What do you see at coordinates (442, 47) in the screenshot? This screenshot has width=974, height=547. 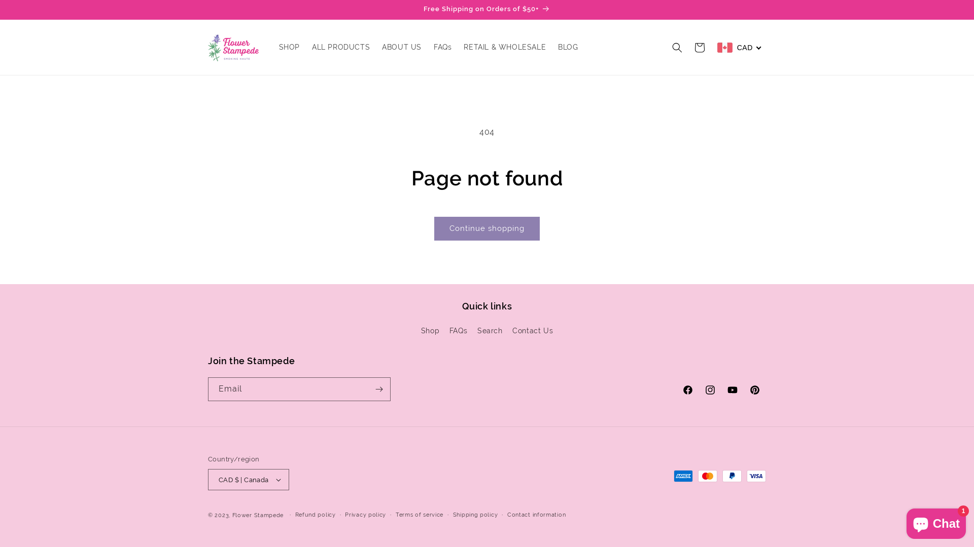 I see `'FAQs'` at bounding box center [442, 47].